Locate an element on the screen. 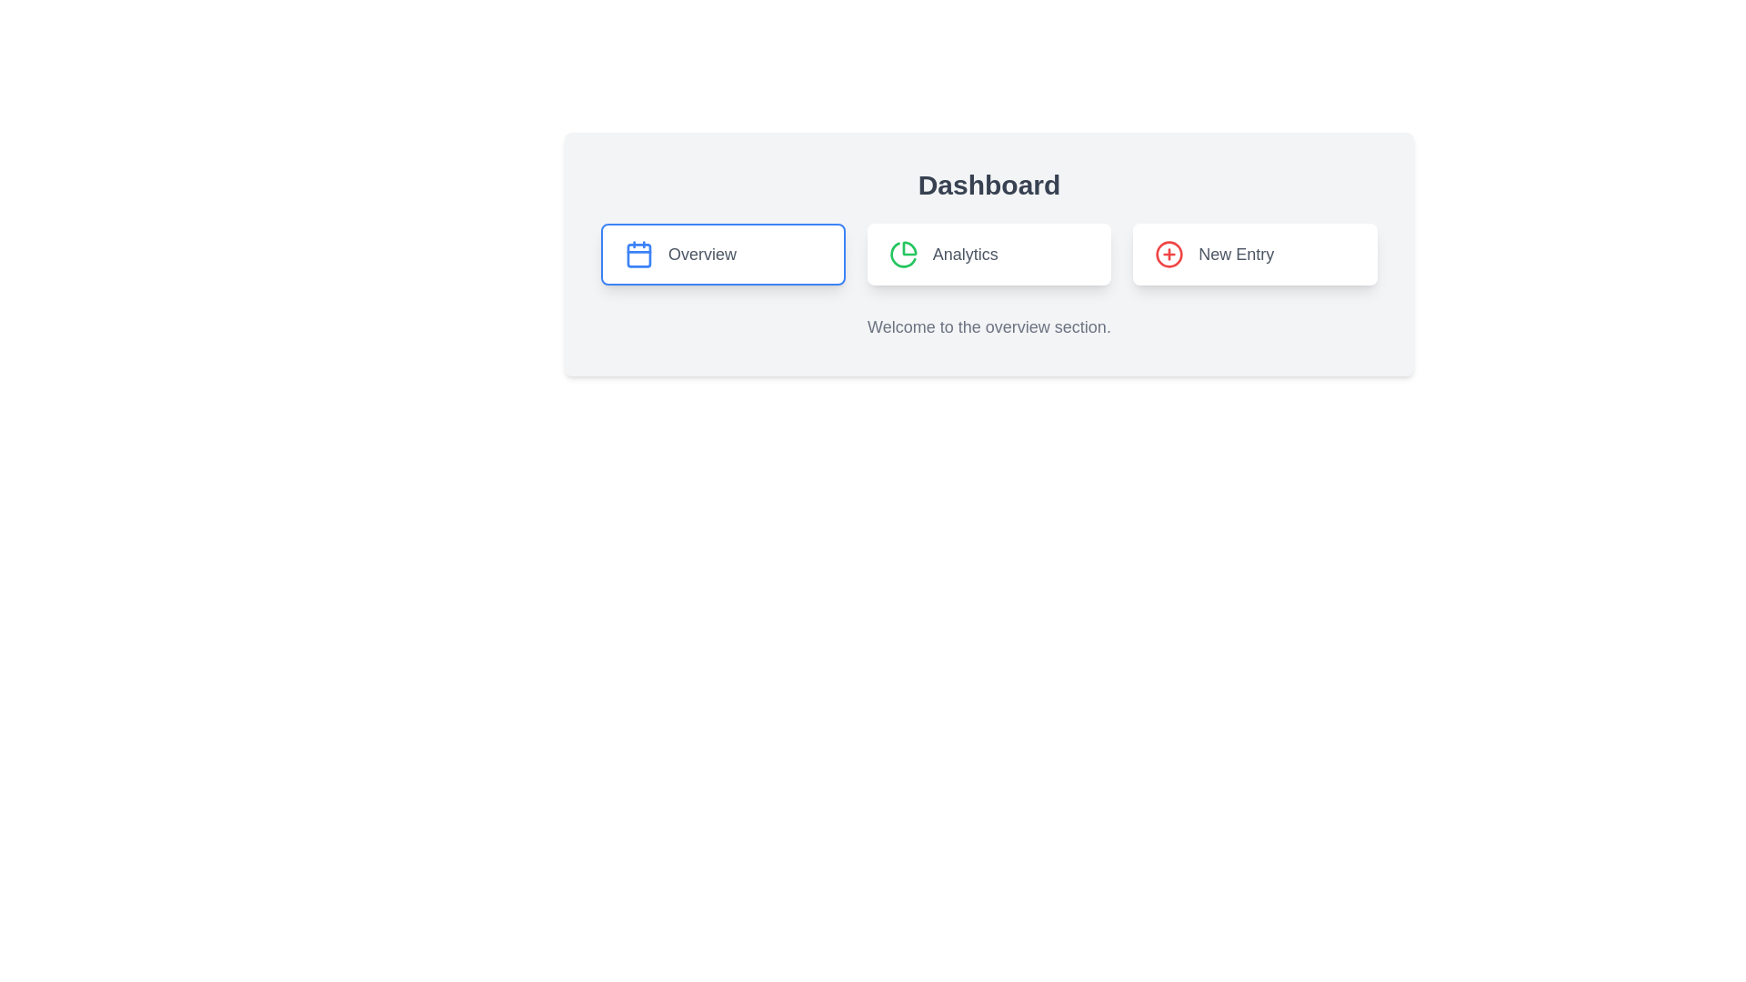 This screenshot has height=982, width=1746. text from the label reading 'Analytics', which is styled with a larger font size and medium weight, and is colored gray ('text-gray-600') is located at coordinates (964, 255).